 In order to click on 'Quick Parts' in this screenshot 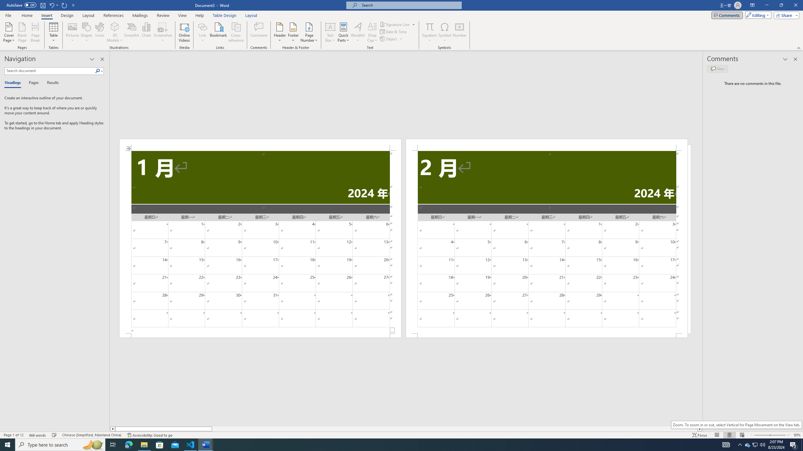, I will do `click(343, 32)`.